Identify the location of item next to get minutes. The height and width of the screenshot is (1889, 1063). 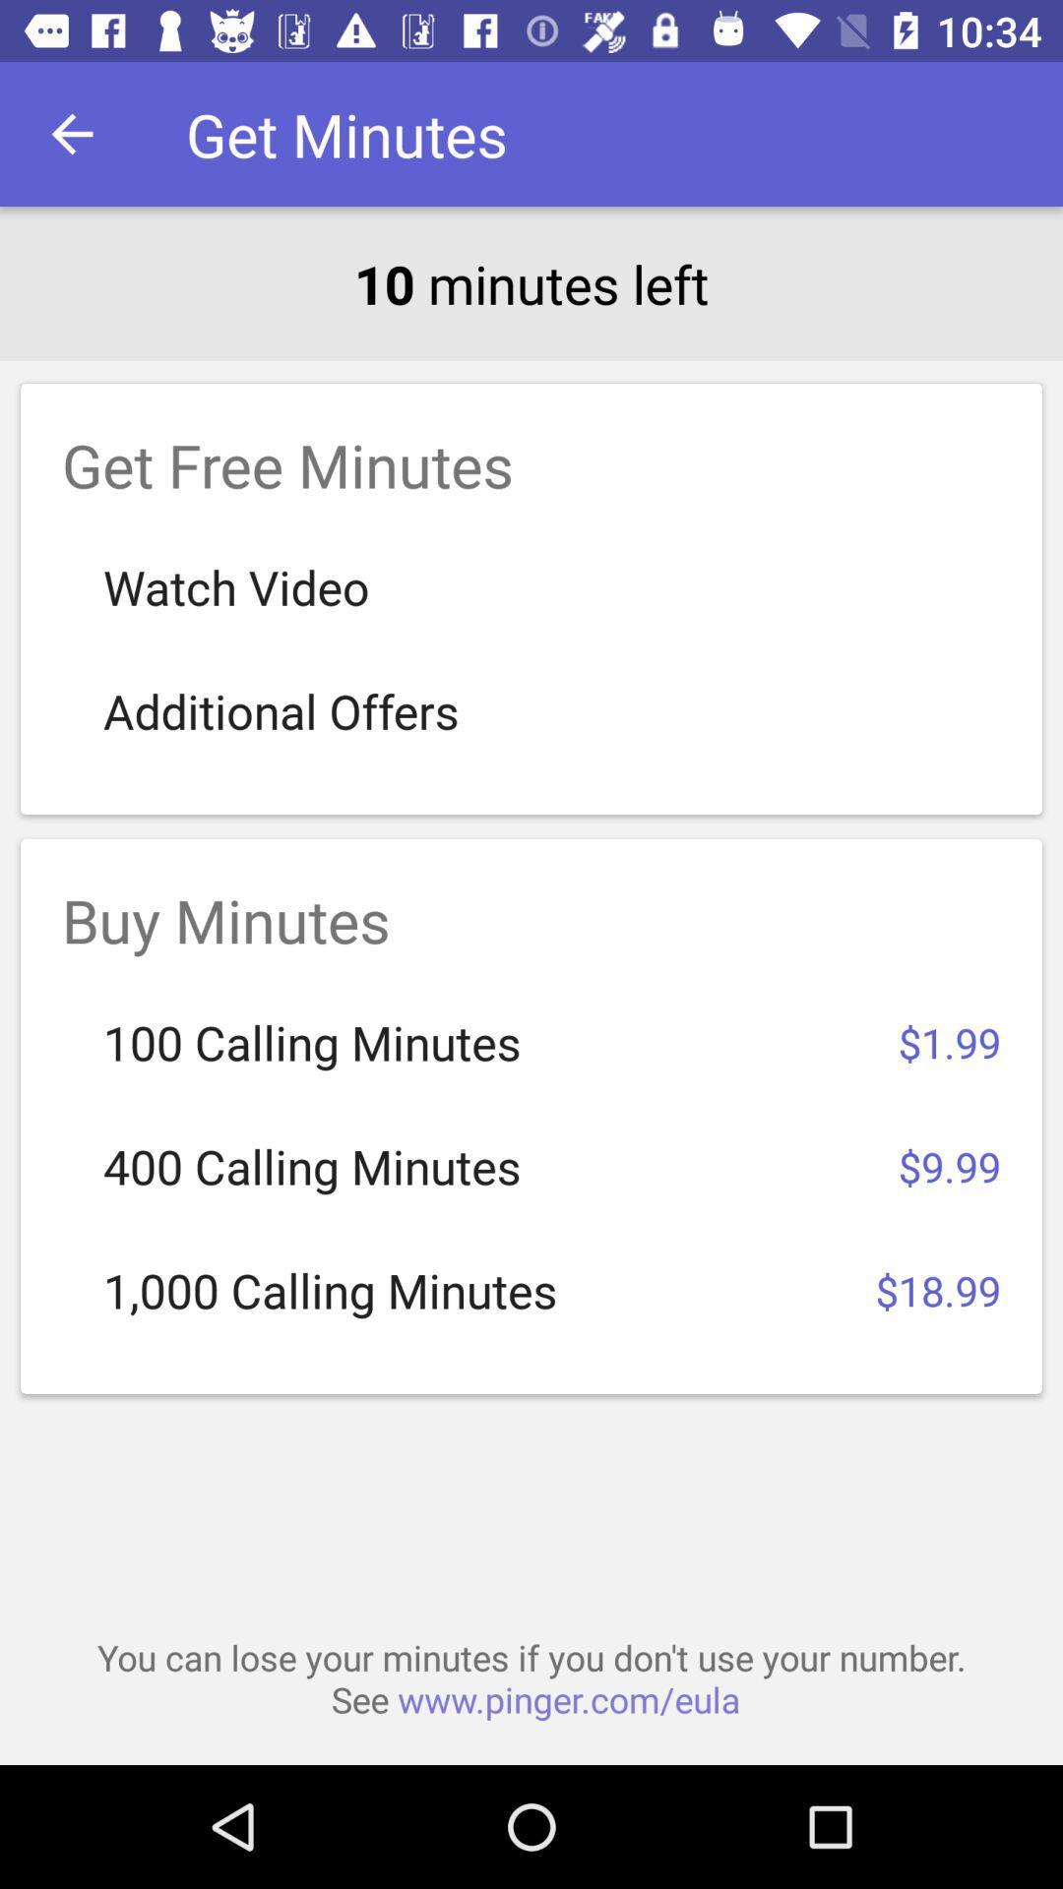
(71, 133).